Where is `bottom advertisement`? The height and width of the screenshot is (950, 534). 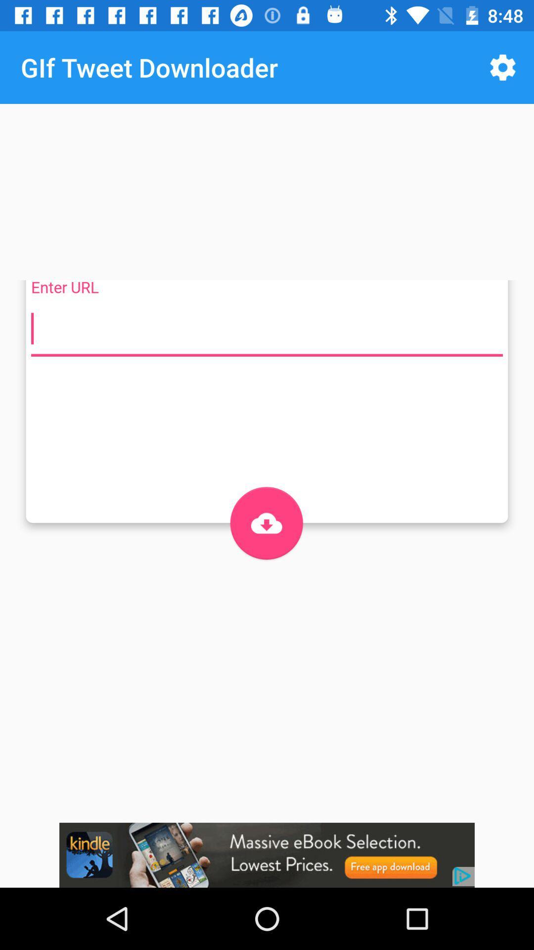 bottom advertisement is located at coordinates (267, 855).